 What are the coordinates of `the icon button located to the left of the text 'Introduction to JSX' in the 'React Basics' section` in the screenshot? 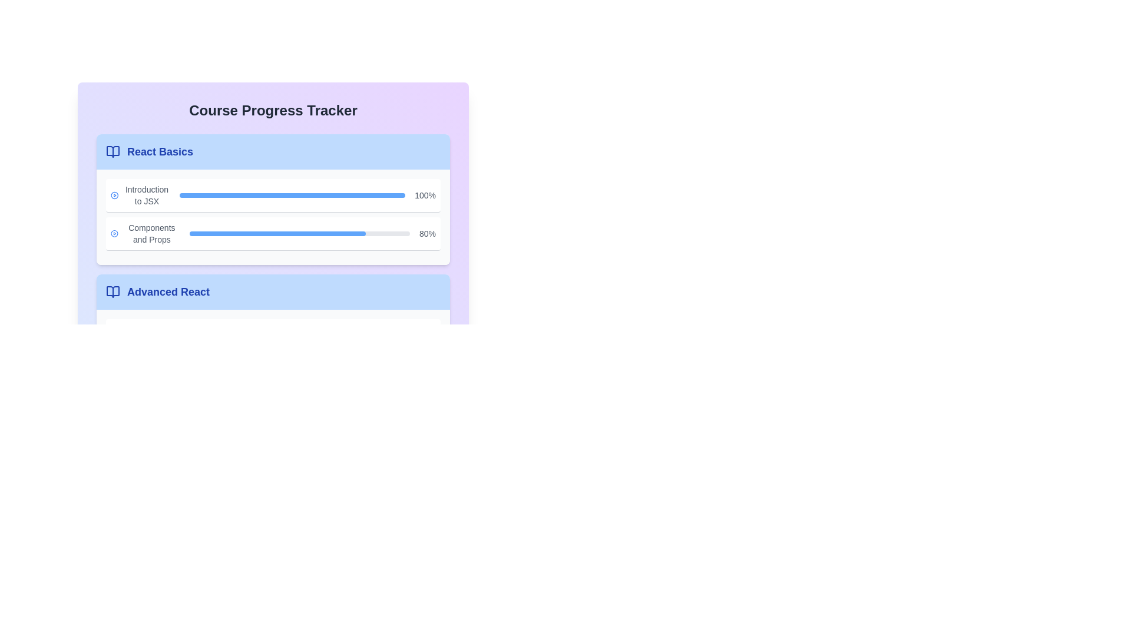 It's located at (114, 194).